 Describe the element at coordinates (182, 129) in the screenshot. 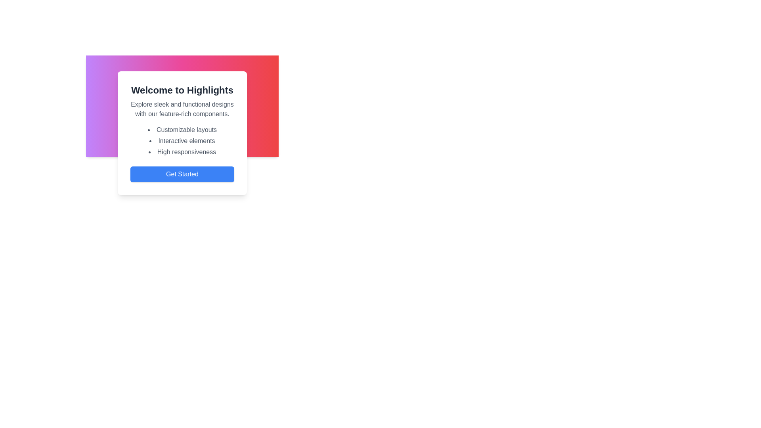

I see `the first list item that contains the text 'Customizable layouts' in a bullet-point format, located in the center of a white card under the title 'Welcome` at that location.